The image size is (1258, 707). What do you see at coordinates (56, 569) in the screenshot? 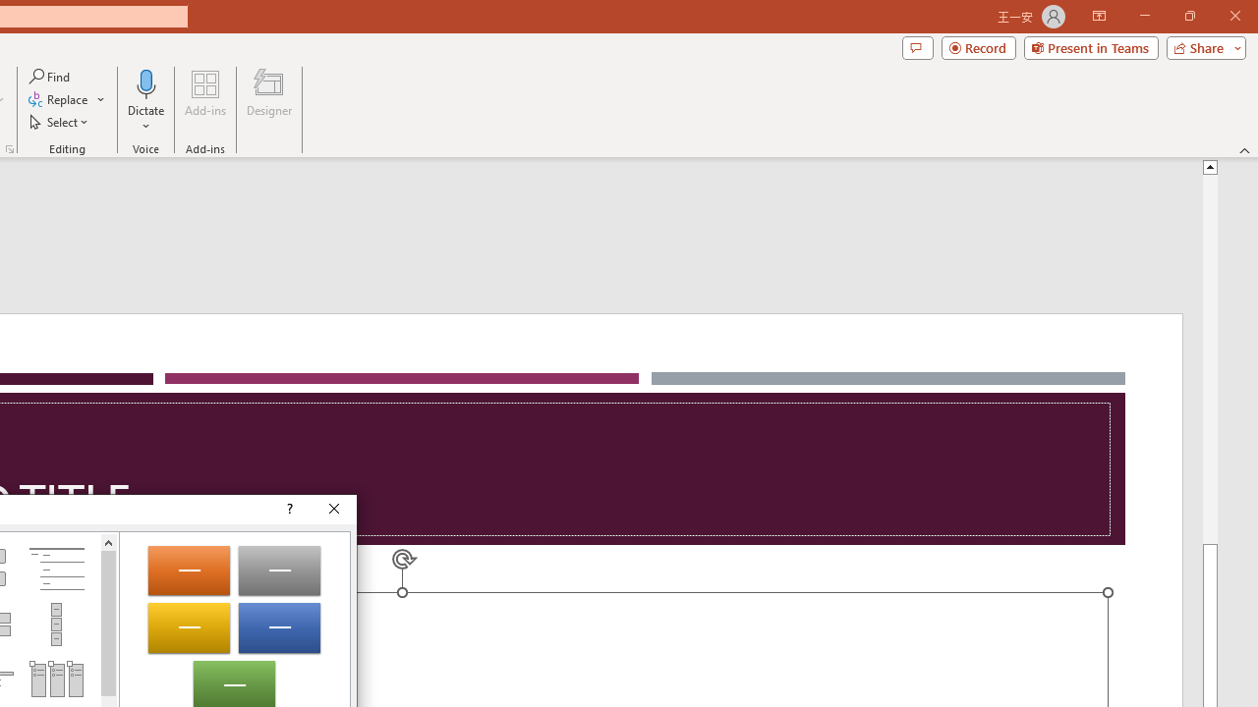
I see `'Lined List'` at bounding box center [56, 569].